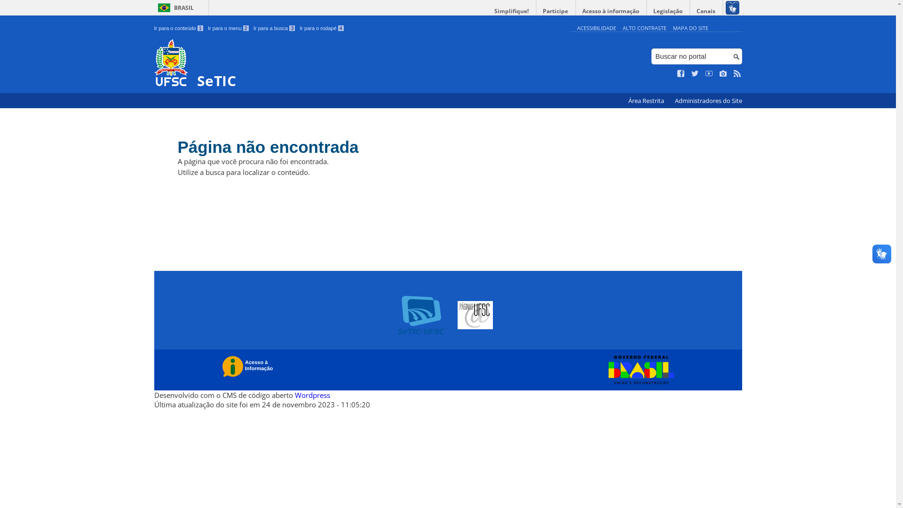 This screenshot has height=508, width=903. I want to click on 'BRASIL', so click(174, 8).